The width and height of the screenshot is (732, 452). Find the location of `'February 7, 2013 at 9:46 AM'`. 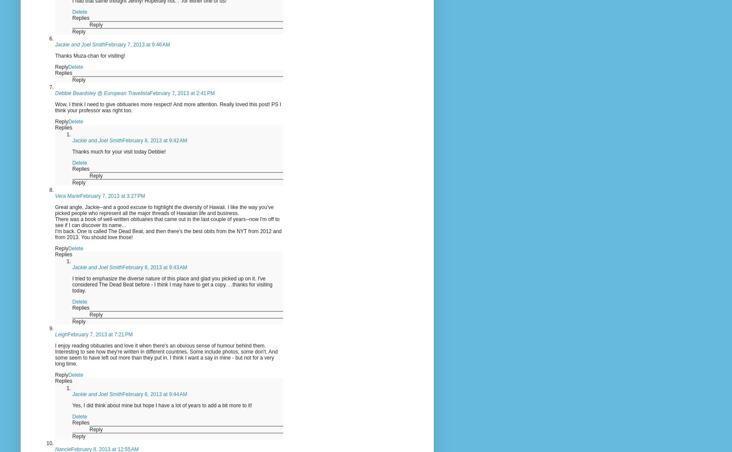

'February 7, 2013 at 9:46 AM' is located at coordinates (105, 45).